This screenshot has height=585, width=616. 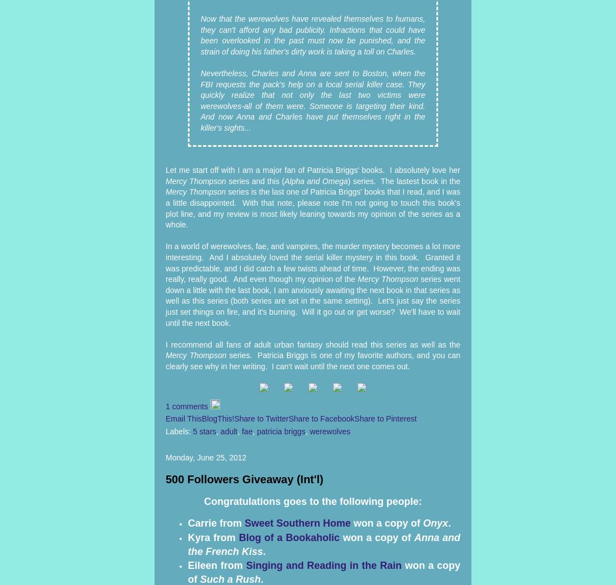 What do you see at coordinates (246, 430) in the screenshot?
I see `'fae'` at bounding box center [246, 430].